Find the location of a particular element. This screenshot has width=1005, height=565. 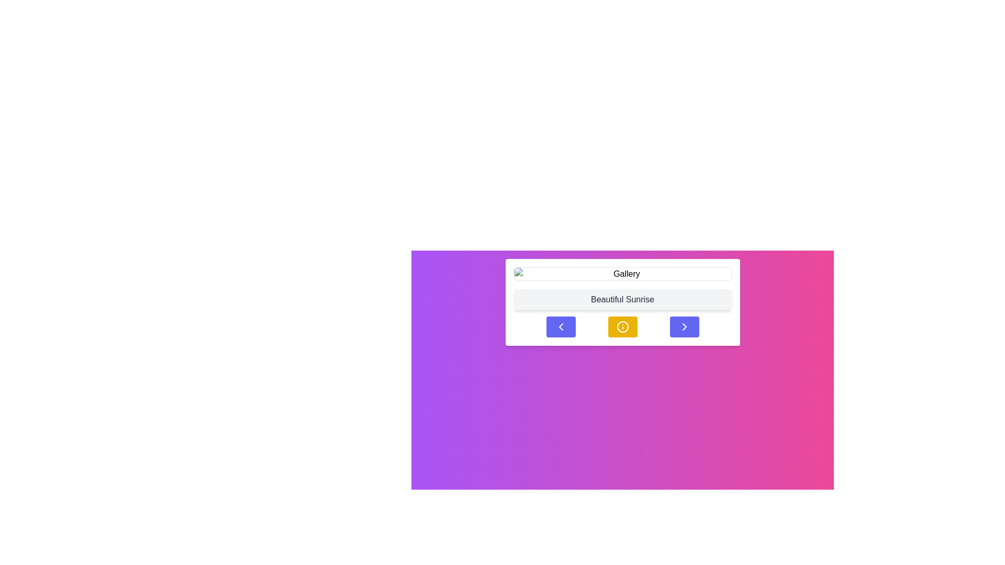

the backward navigation button with an icon is located at coordinates (560, 326).